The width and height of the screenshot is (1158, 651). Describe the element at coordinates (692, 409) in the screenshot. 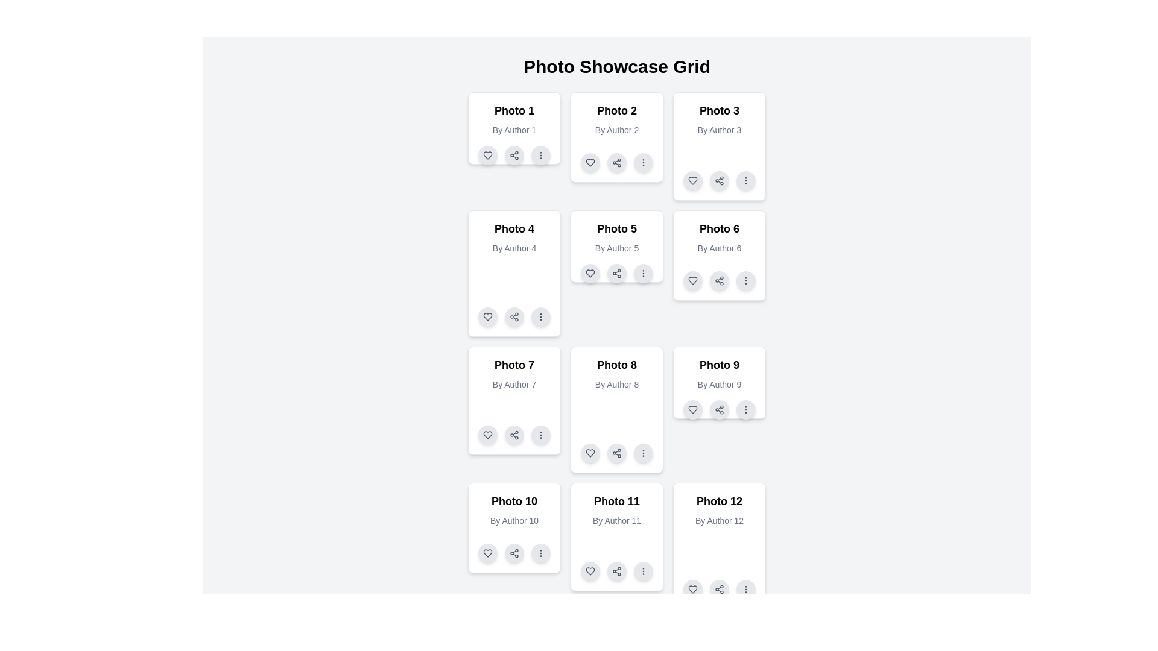

I see `the heart-shaped icon representing a 'like' feature located at the bottom left corner of the card labeled 'Photo 9'` at that location.